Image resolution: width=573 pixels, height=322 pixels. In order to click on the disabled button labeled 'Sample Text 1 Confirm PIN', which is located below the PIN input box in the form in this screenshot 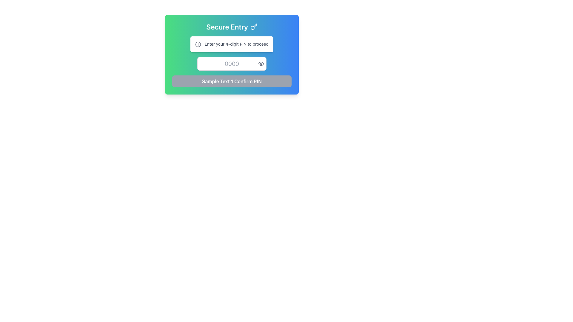, I will do `click(232, 81)`.